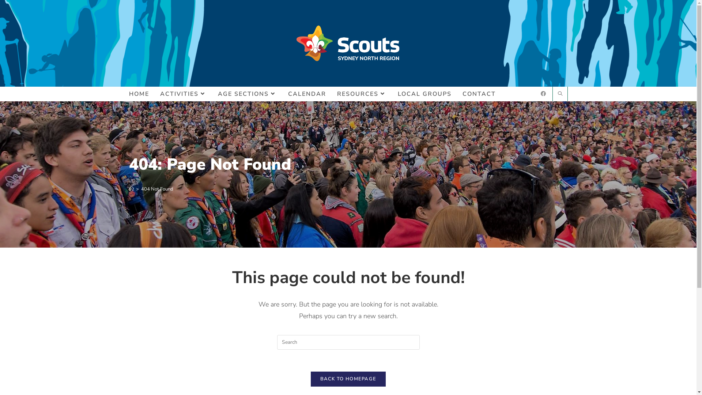 The width and height of the screenshot is (702, 395). Describe the element at coordinates (348, 379) in the screenshot. I see `'BACK TO HOMEPAGE'` at that location.